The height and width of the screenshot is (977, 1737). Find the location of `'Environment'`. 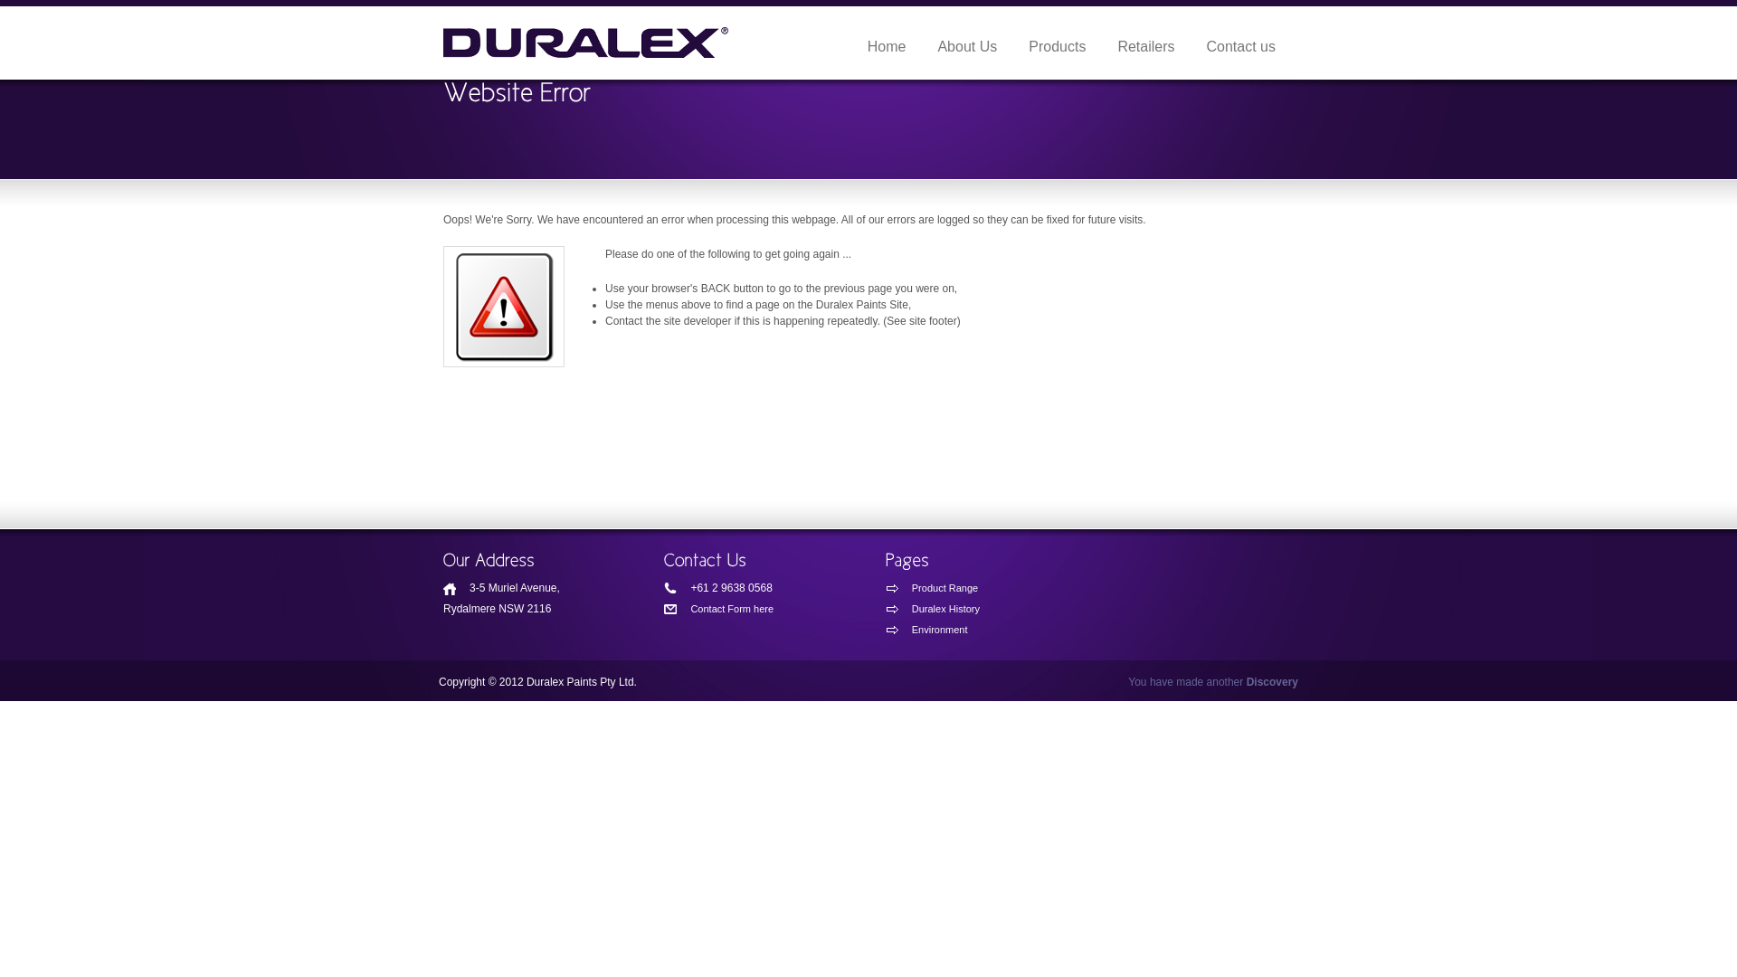

'Environment' is located at coordinates (960, 628).